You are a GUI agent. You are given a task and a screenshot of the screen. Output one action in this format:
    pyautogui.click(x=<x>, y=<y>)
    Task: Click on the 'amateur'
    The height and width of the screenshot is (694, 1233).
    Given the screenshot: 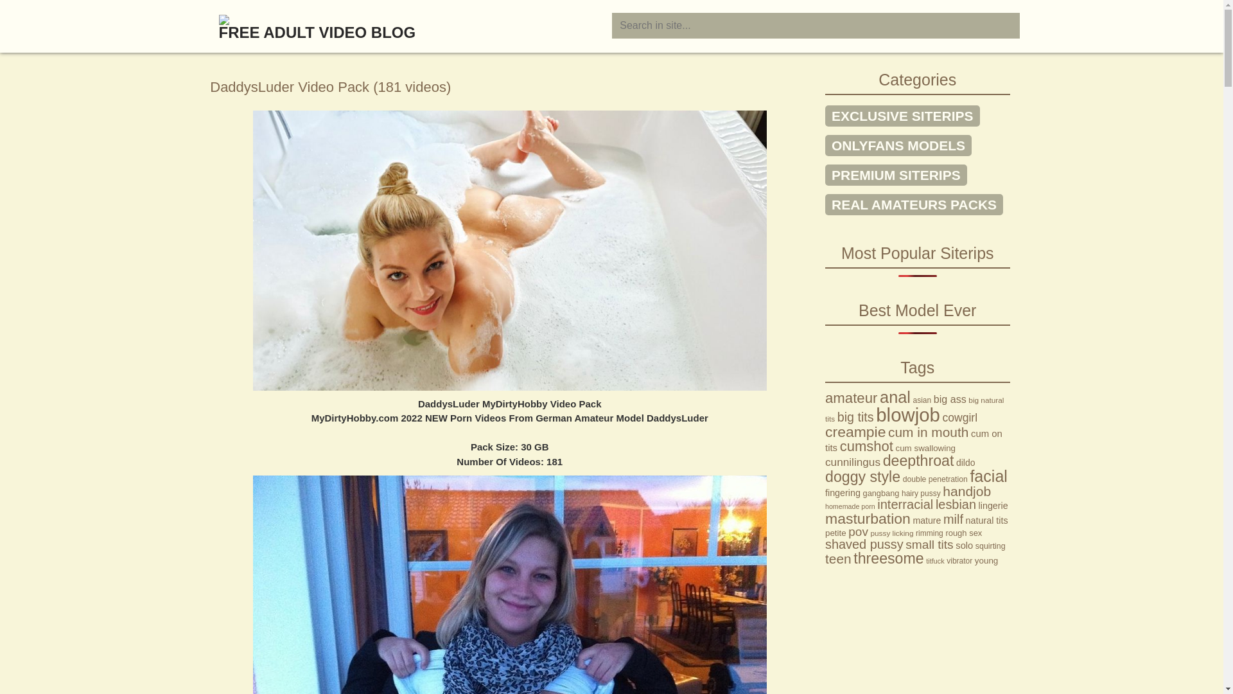 What is the action you would take?
    pyautogui.click(x=851, y=397)
    